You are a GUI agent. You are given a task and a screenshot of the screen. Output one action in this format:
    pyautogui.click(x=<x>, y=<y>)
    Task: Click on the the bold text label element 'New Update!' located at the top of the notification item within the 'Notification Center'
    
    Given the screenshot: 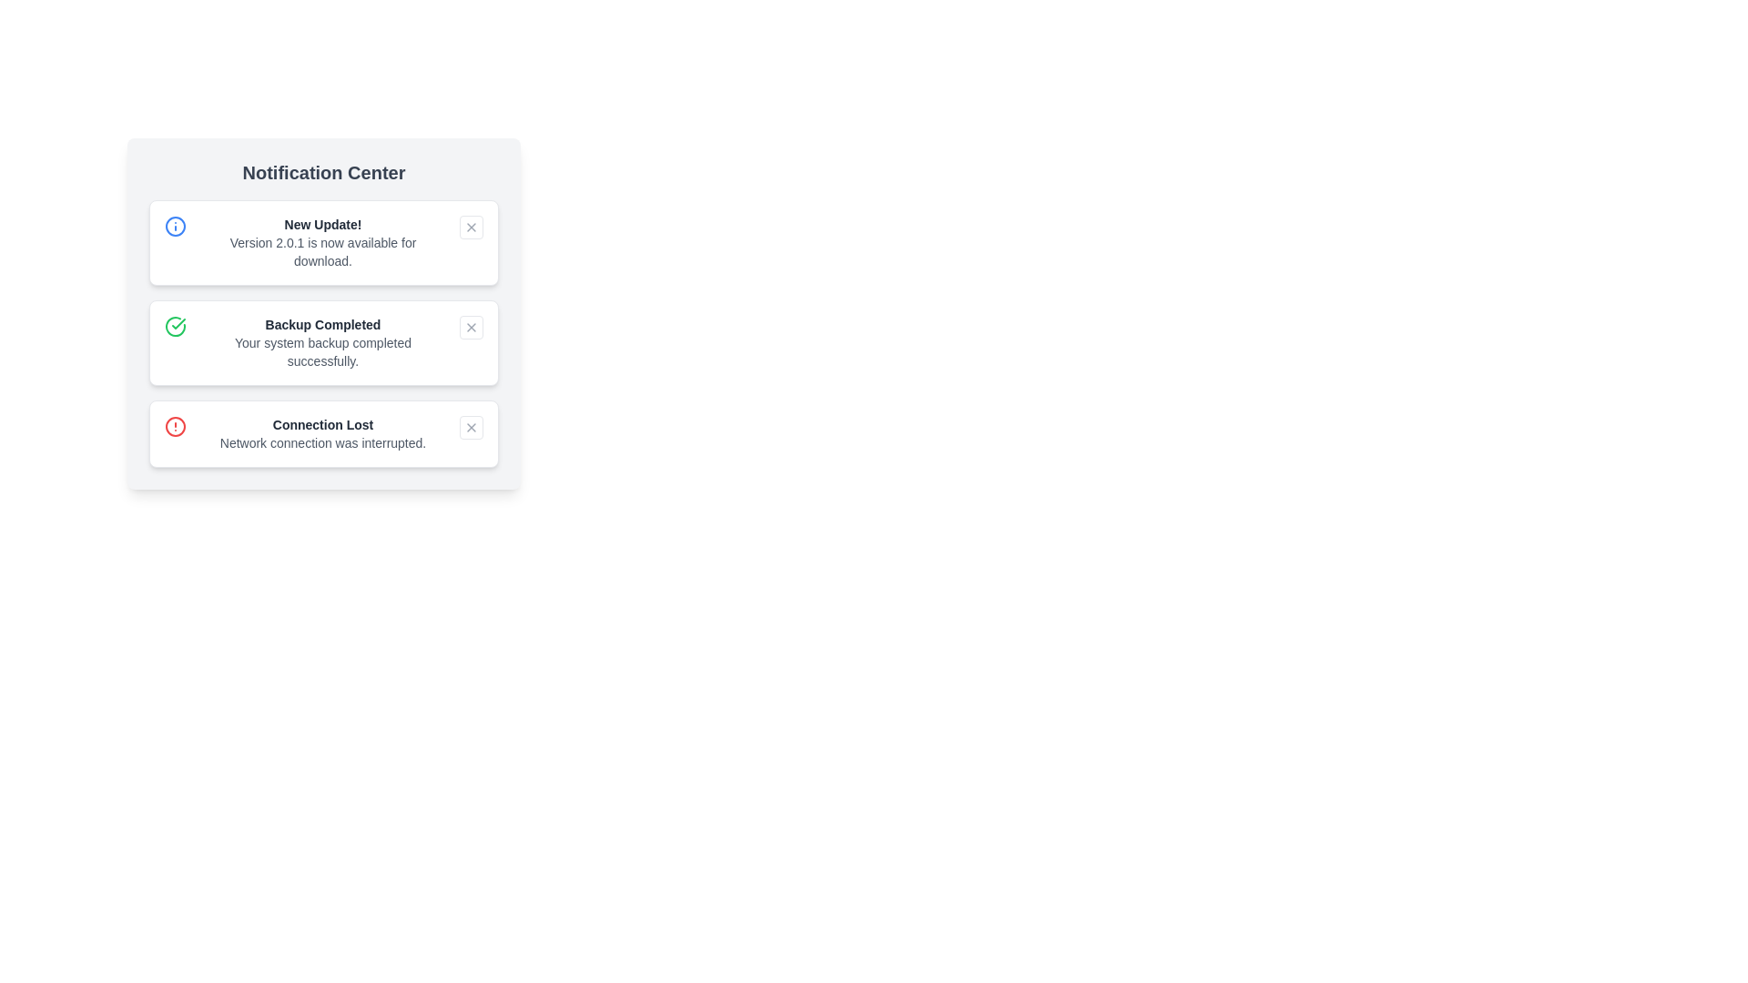 What is the action you would take?
    pyautogui.click(x=323, y=223)
    